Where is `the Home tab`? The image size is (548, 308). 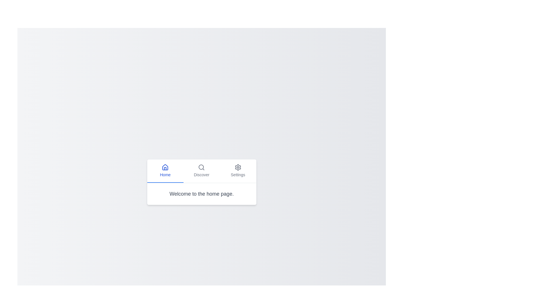
the Home tab is located at coordinates (165, 170).